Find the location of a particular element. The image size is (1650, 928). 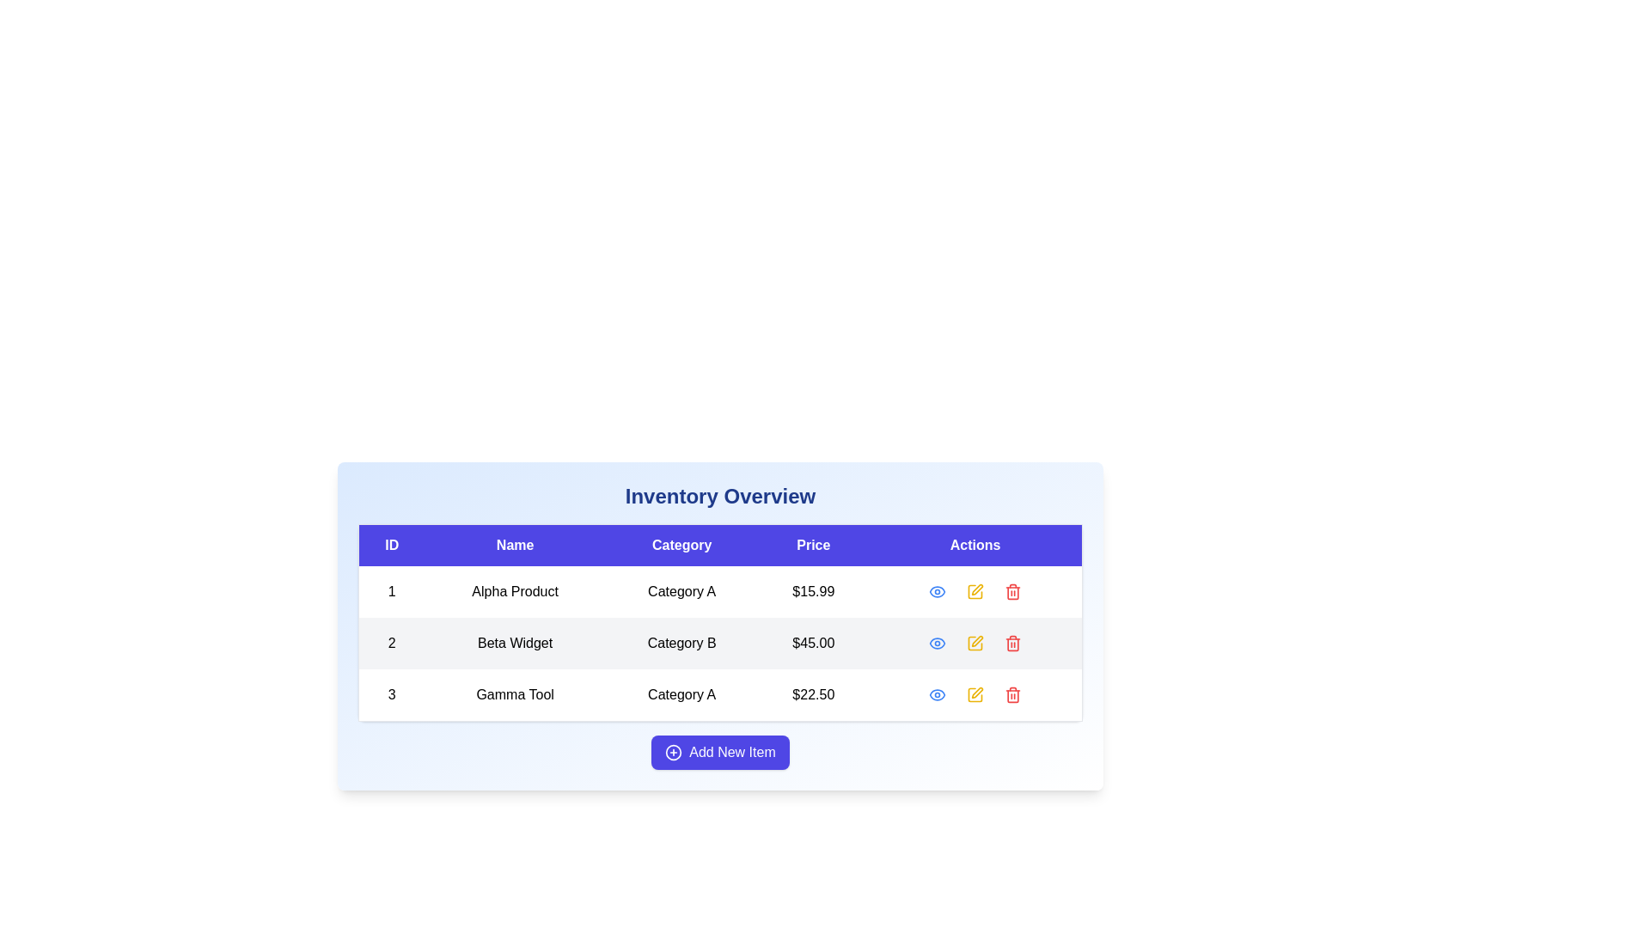

the 'view' icon in the Actions column of the second row for 'Beta Widget' is located at coordinates (936, 591).